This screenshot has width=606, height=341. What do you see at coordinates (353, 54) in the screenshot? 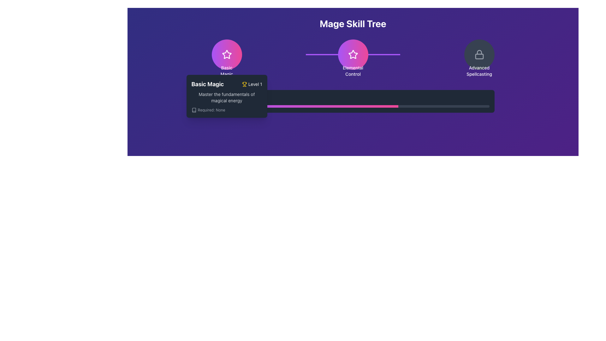
I see `the solid purple progress bar located centrally below the 'Mage Skill Tree' title and directly below the 'Elemental Control' circular node` at bounding box center [353, 54].